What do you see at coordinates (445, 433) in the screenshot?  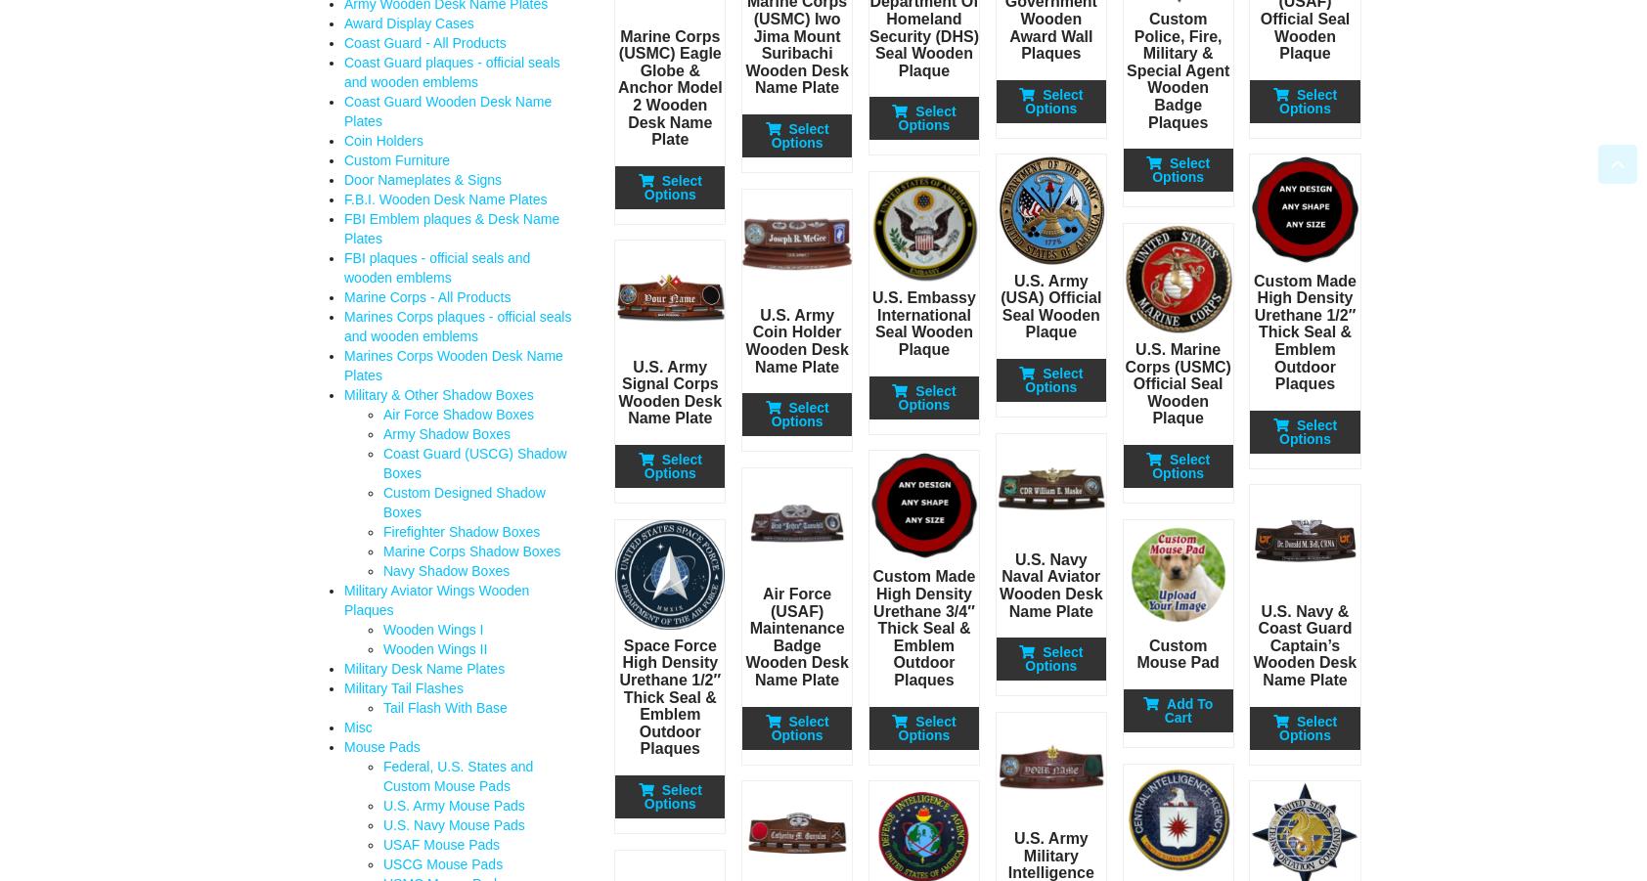 I see `'Army Shadow Boxes'` at bounding box center [445, 433].